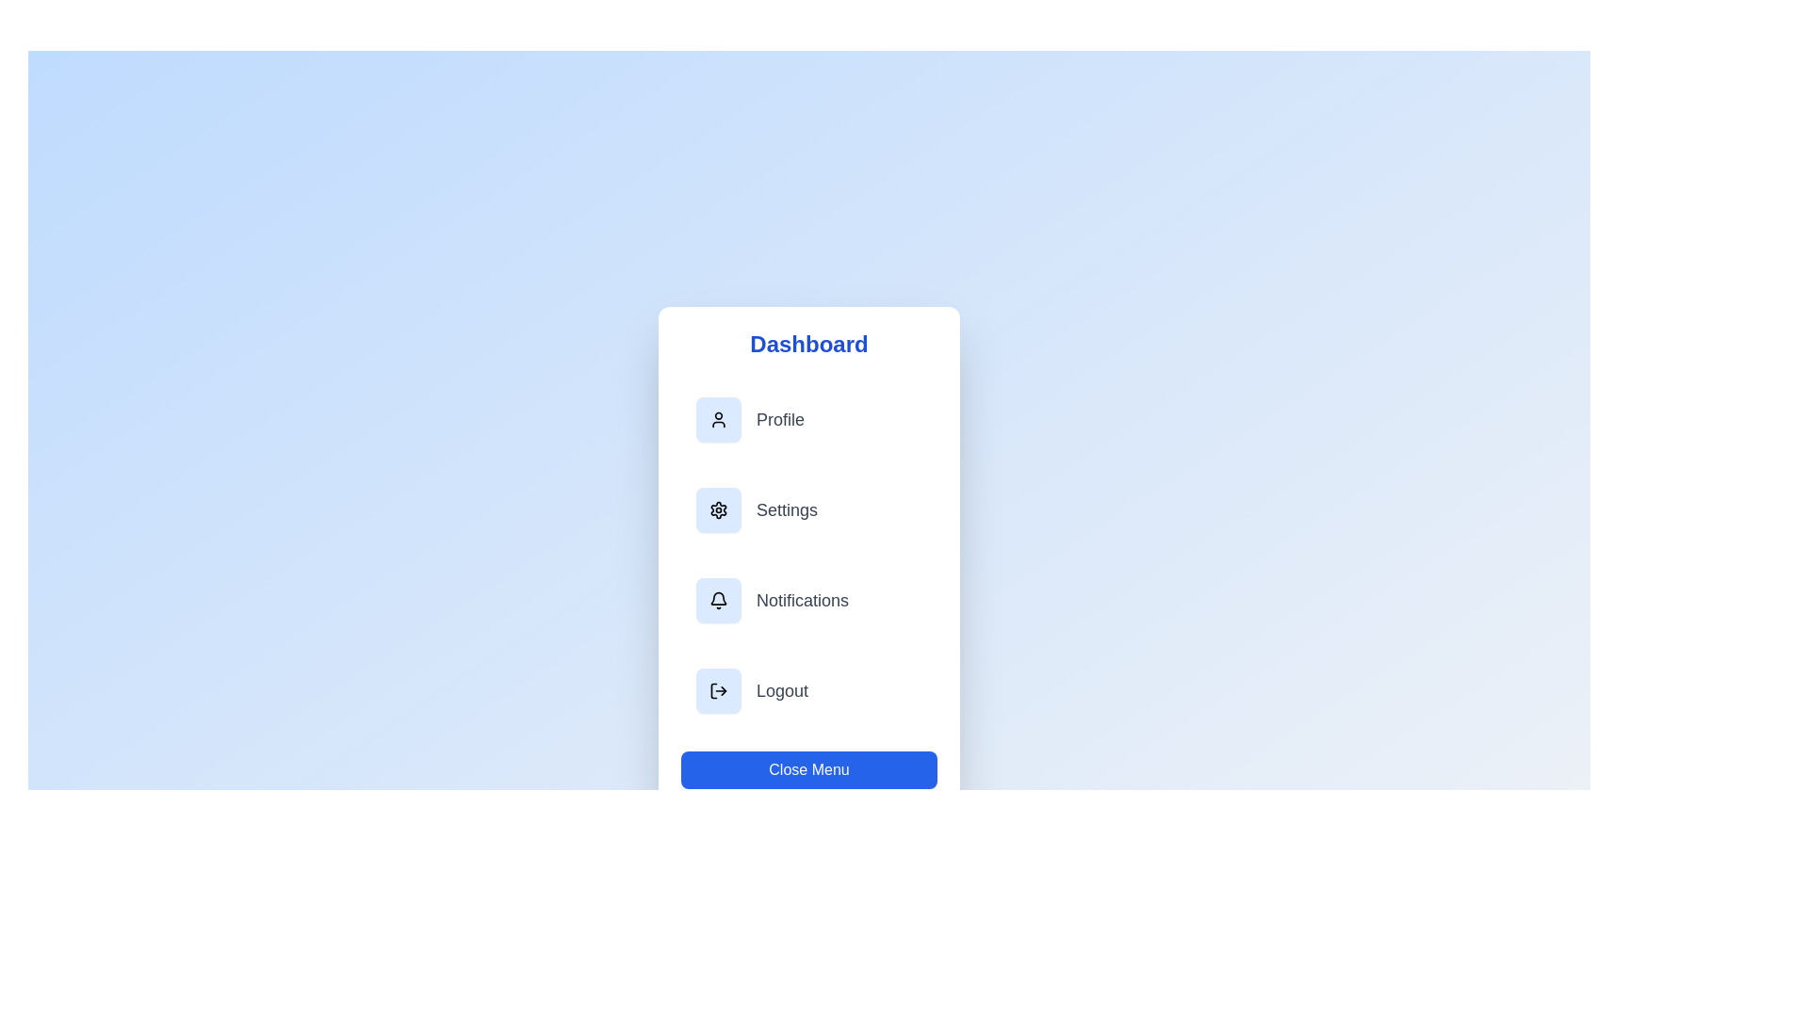 The width and height of the screenshot is (1809, 1017). I want to click on the menu item Logout to observe visual feedback, so click(809, 690).